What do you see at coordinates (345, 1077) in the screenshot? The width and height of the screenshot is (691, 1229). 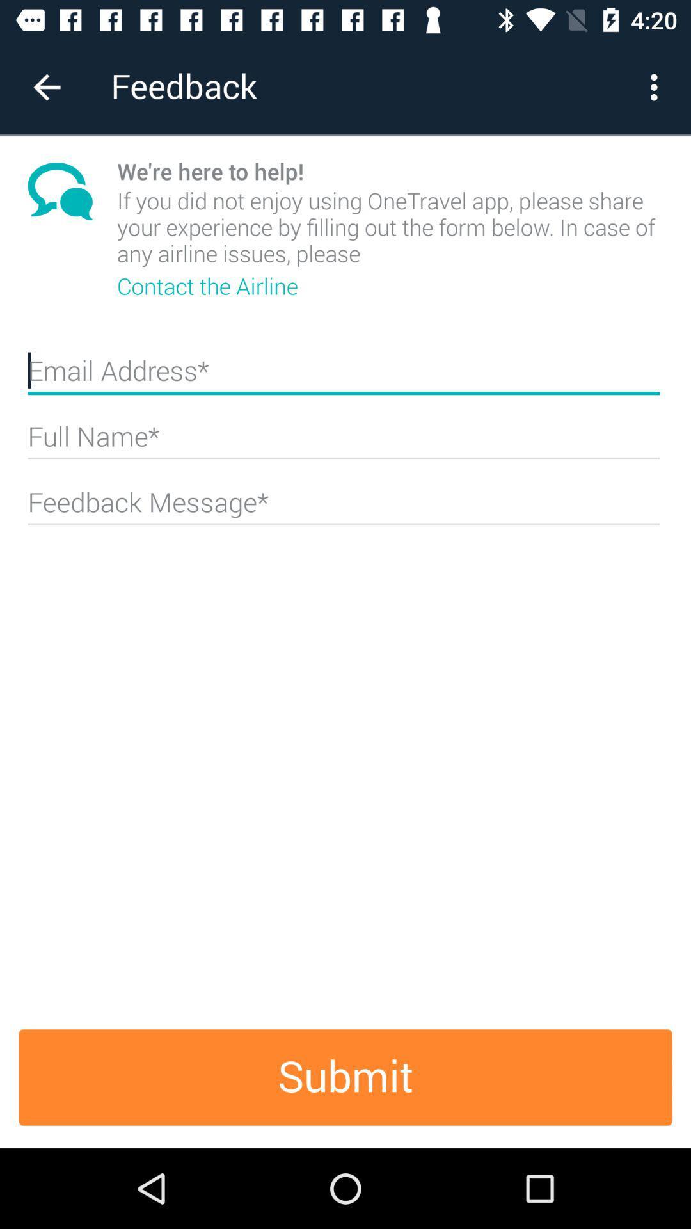 I see `submit button shown at the bottom of the page` at bounding box center [345, 1077].